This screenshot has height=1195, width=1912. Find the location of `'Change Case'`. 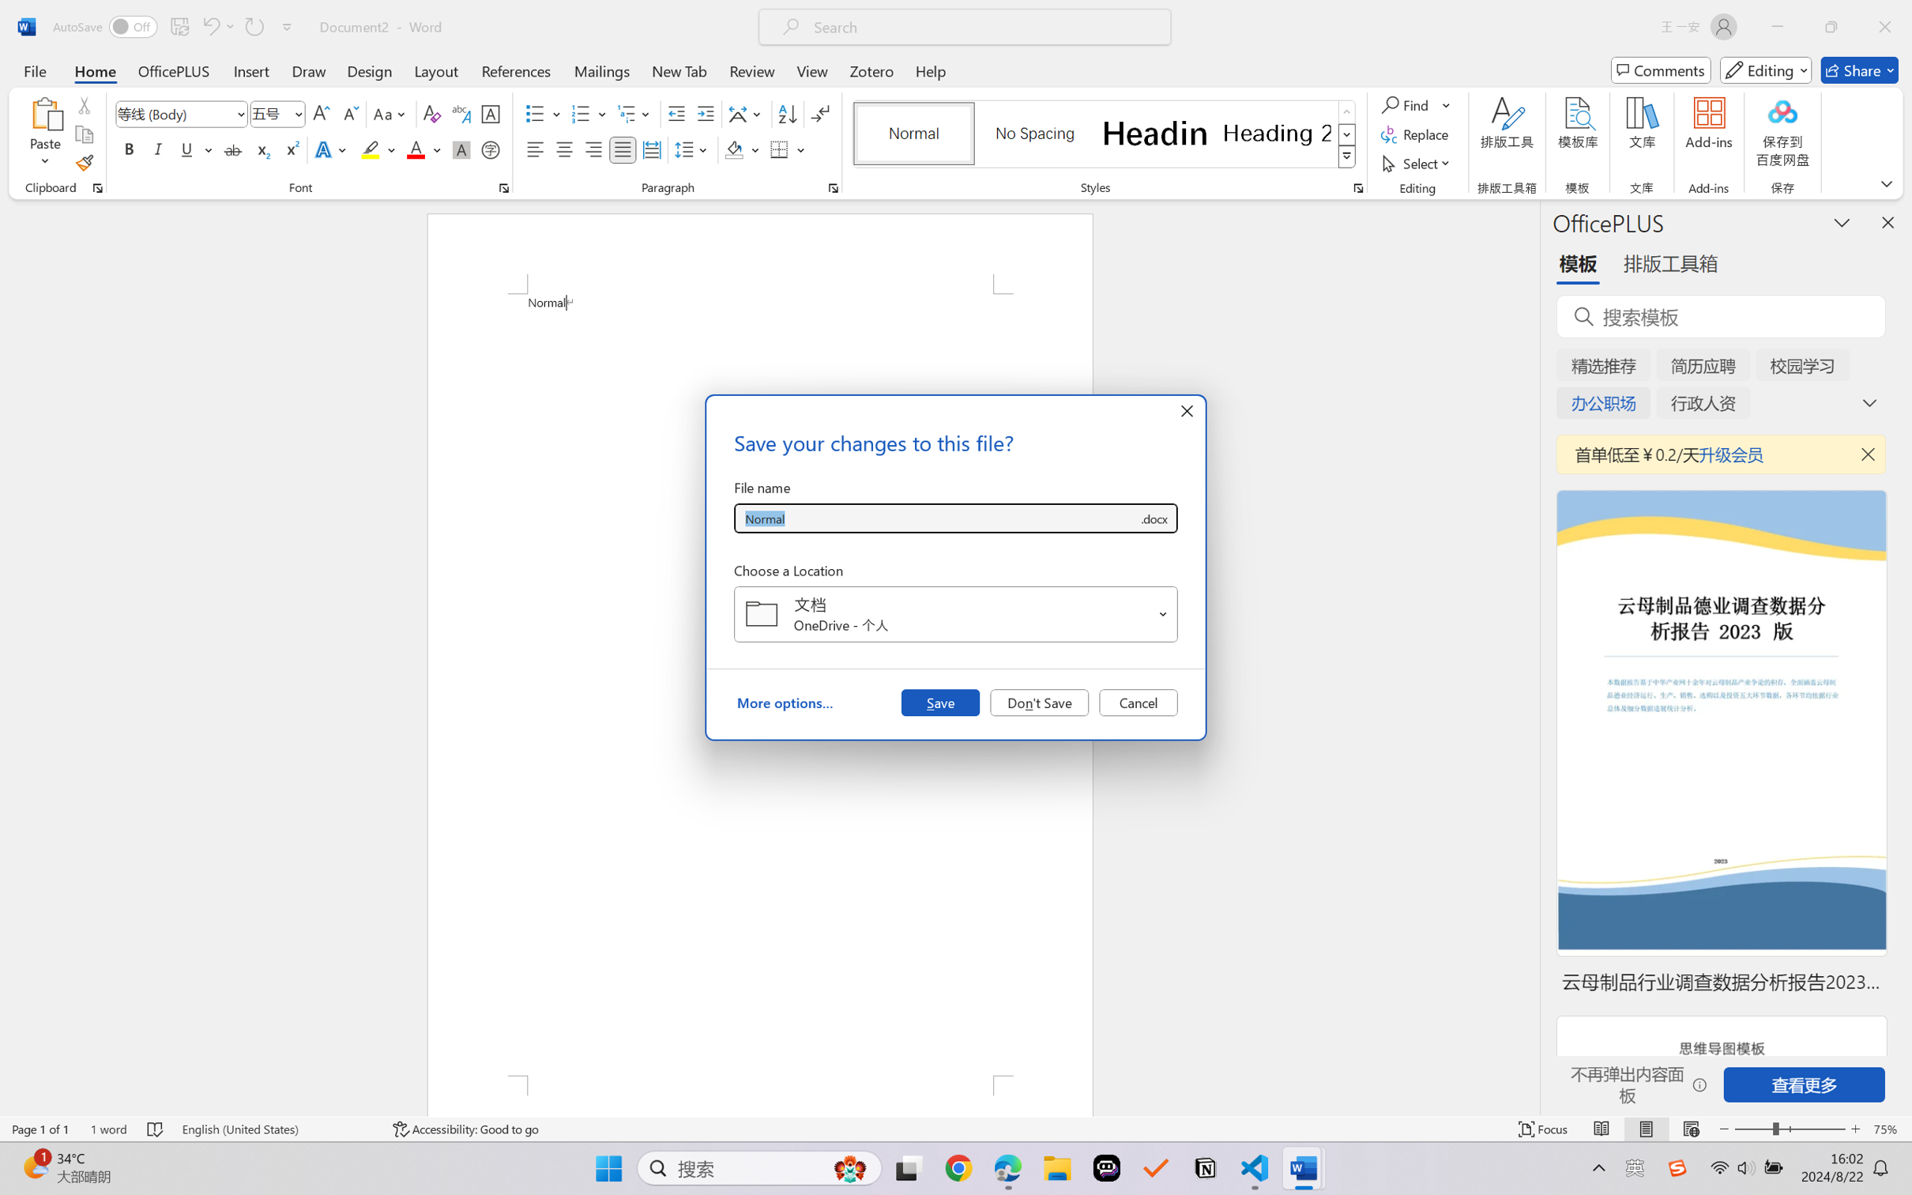

'Change Case' is located at coordinates (390, 114).